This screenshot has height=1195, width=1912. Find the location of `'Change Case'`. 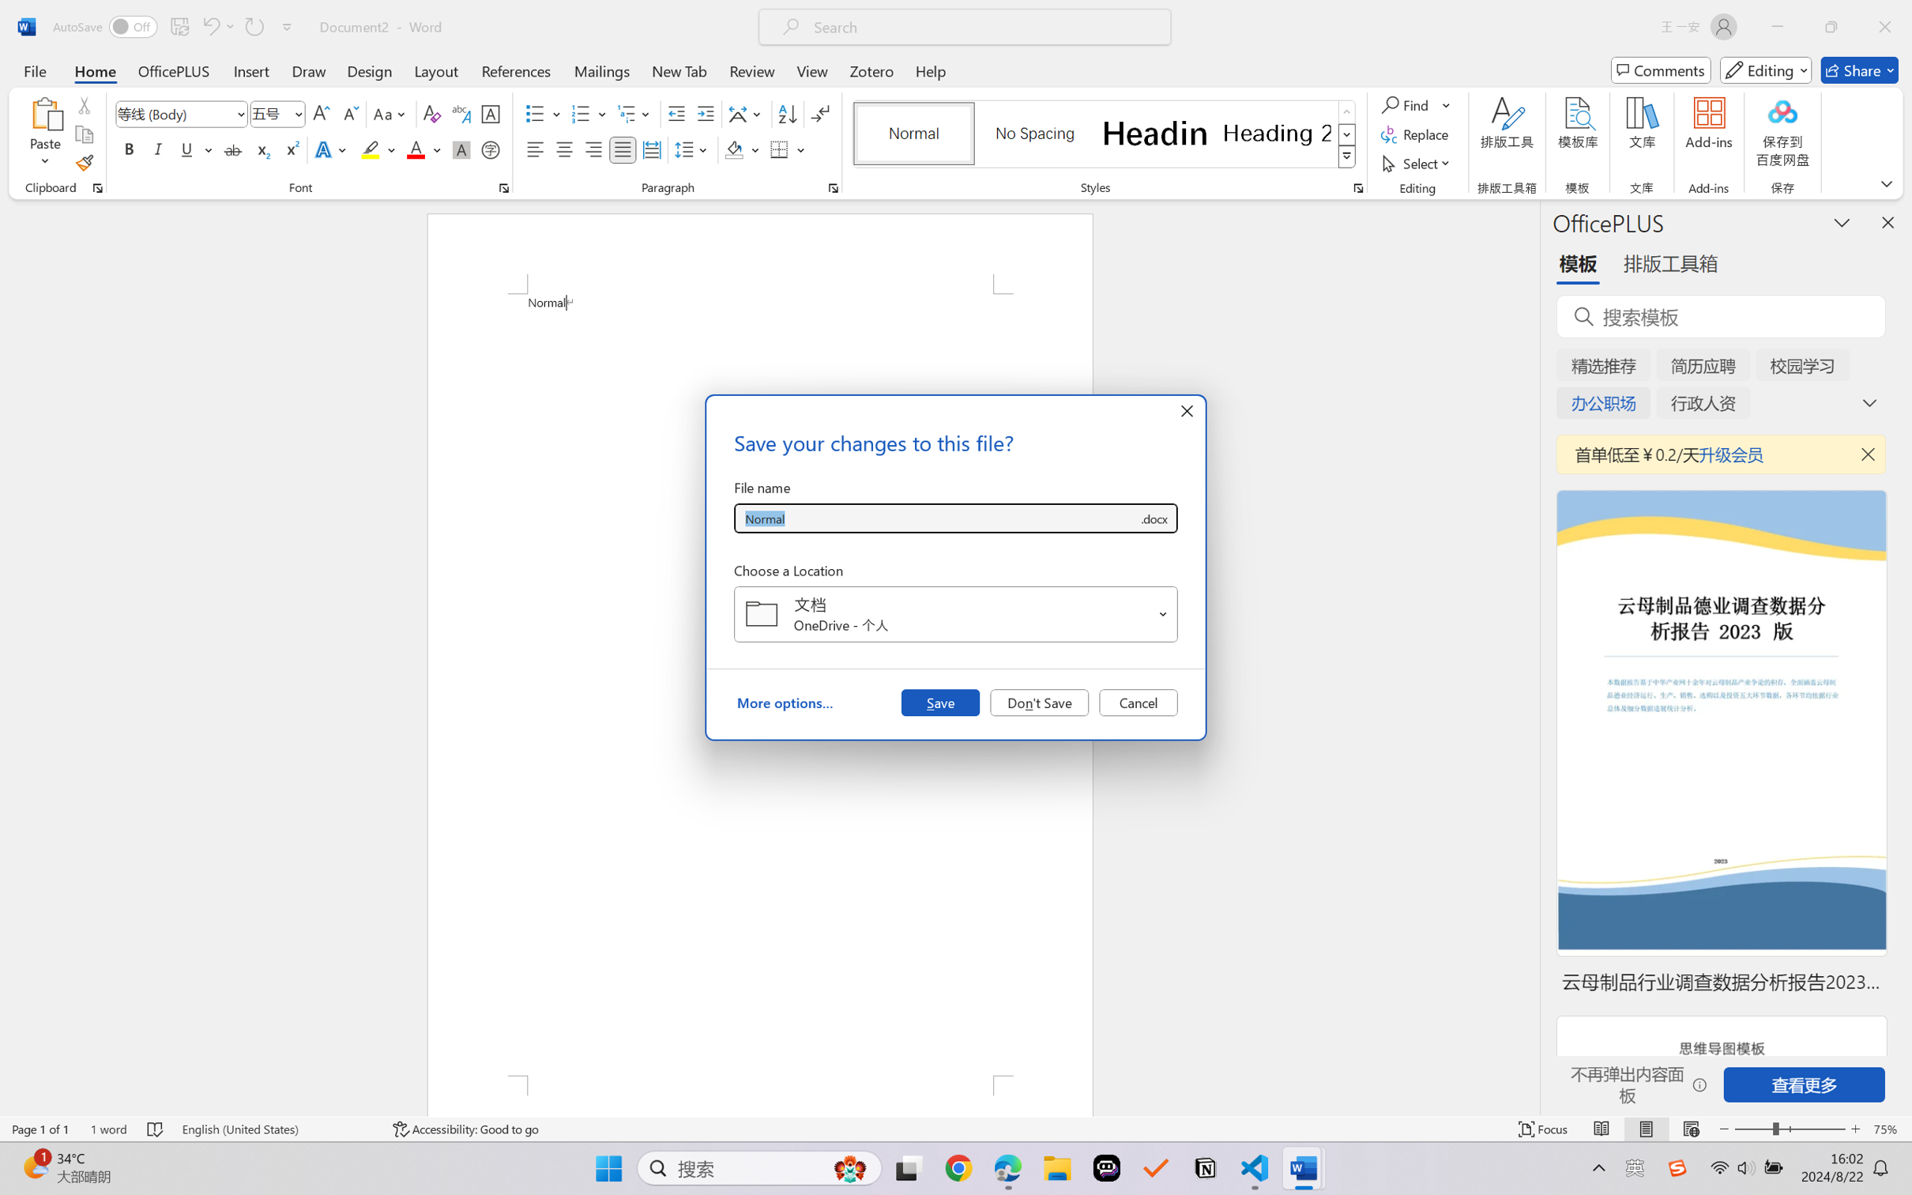

'Change Case' is located at coordinates (390, 114).